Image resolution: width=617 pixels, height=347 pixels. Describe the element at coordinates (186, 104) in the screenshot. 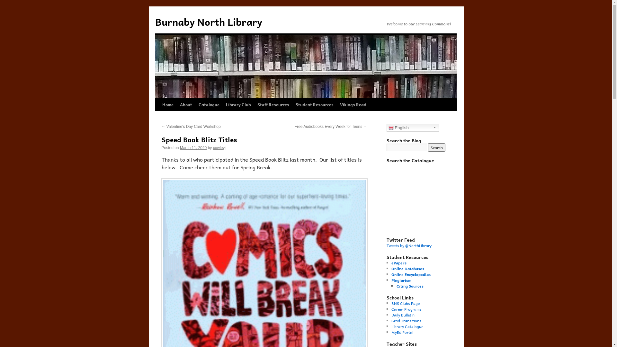

I see `'About'` at that location.